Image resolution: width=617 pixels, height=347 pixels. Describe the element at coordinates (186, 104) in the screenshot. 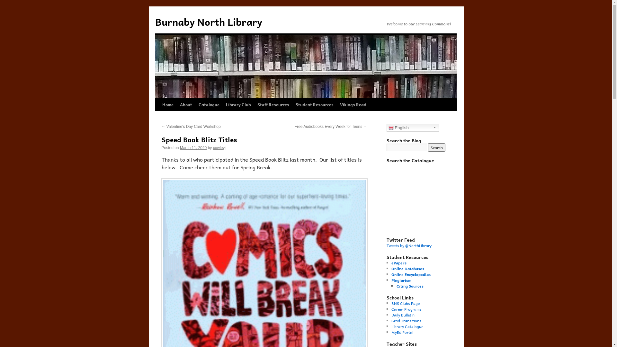

I see `'About'` at that location.